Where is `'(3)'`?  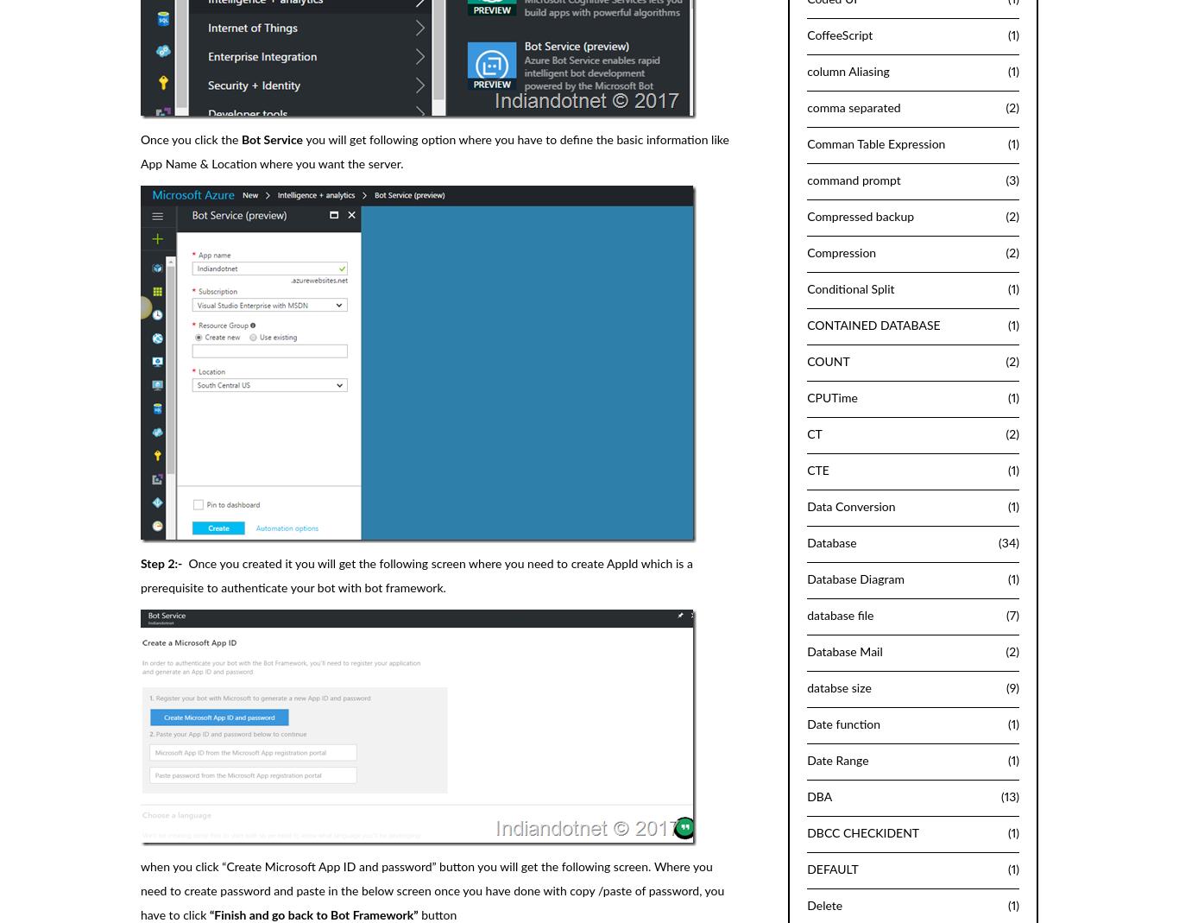
'(3)' is located at coordinates (1012, 180).